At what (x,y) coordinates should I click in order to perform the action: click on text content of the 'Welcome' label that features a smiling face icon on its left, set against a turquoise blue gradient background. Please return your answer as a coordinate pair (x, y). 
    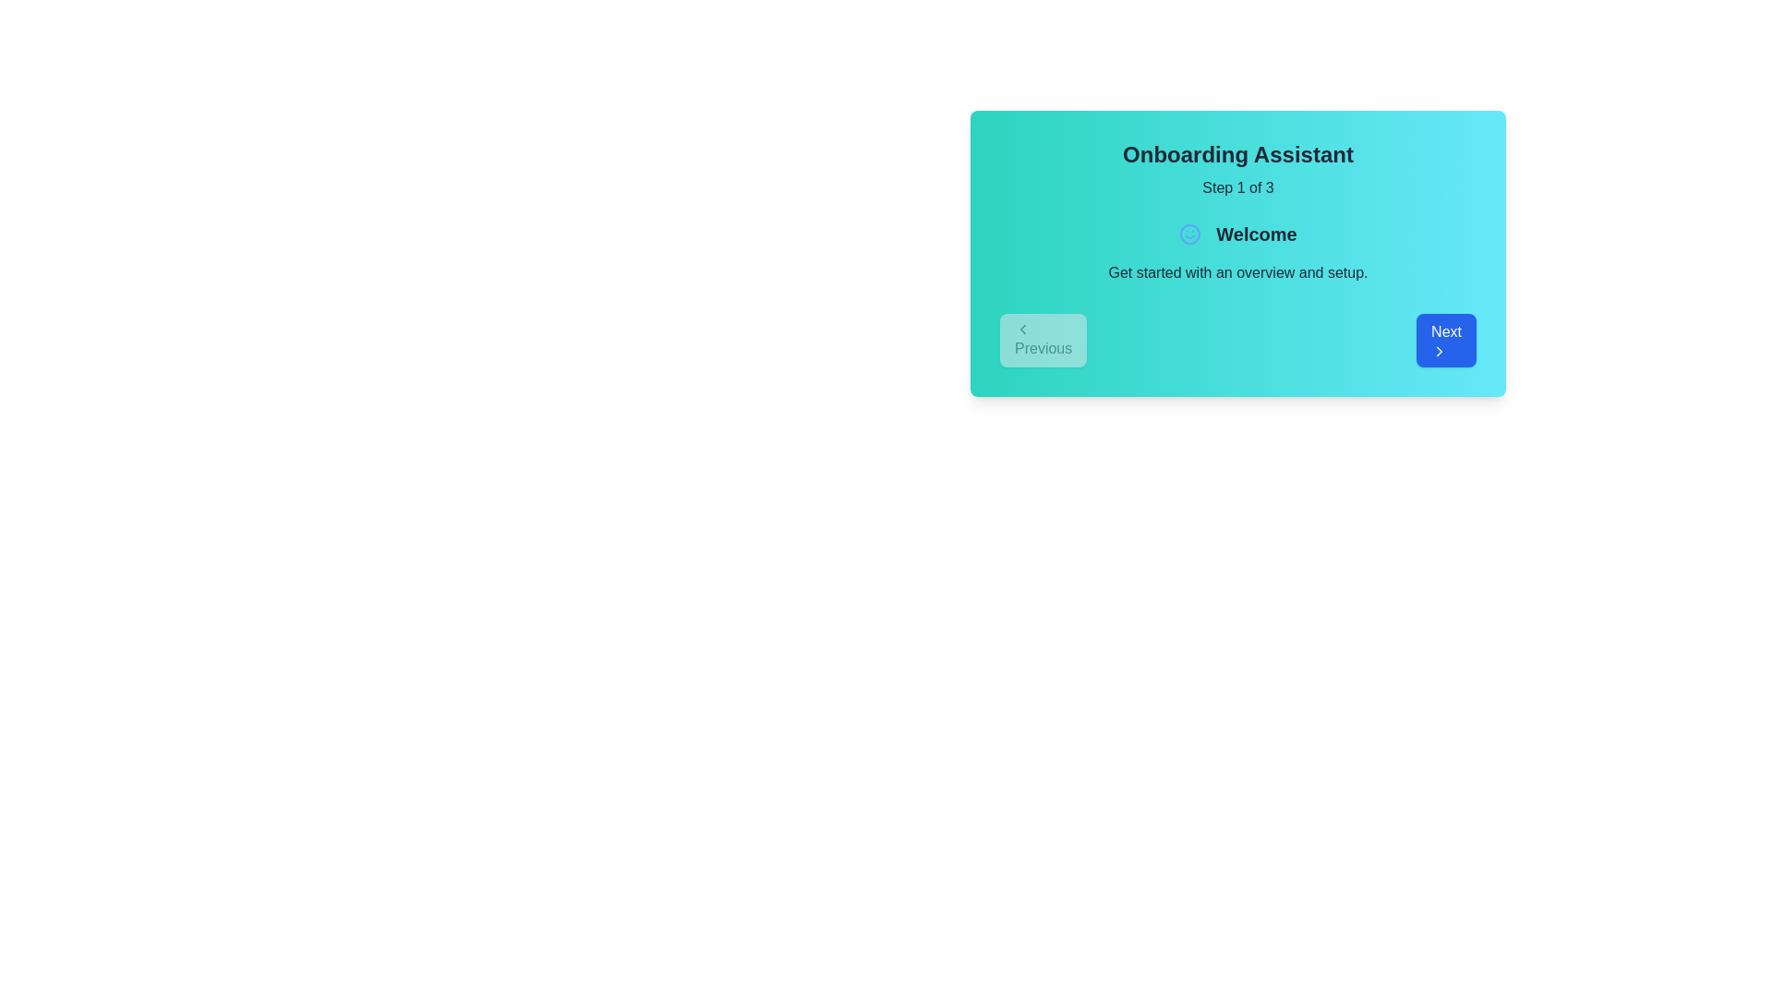
    Looking at the image, I should click on (1237, 234).